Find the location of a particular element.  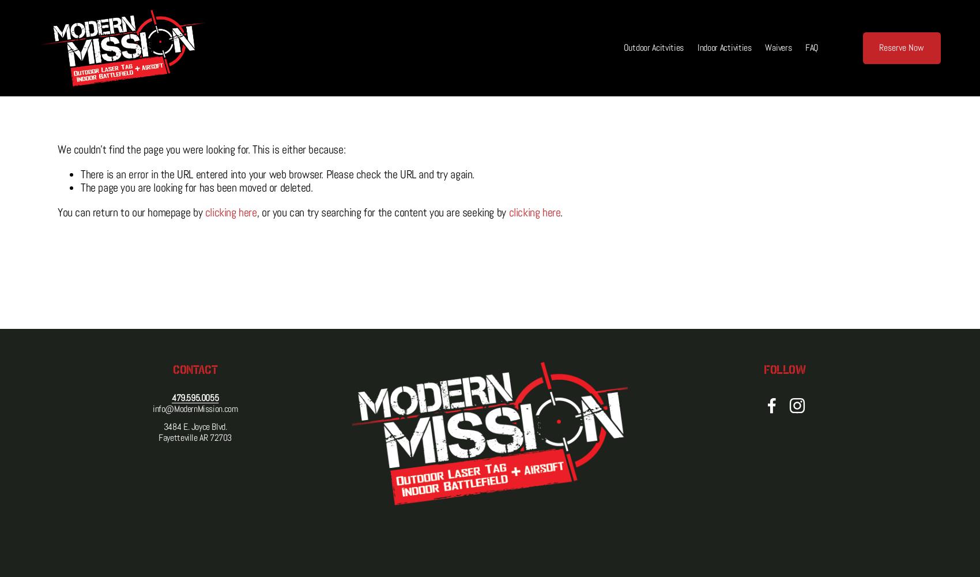

'The page you are looking for has been moved or deleted.' is located at coordinates (196, 187).